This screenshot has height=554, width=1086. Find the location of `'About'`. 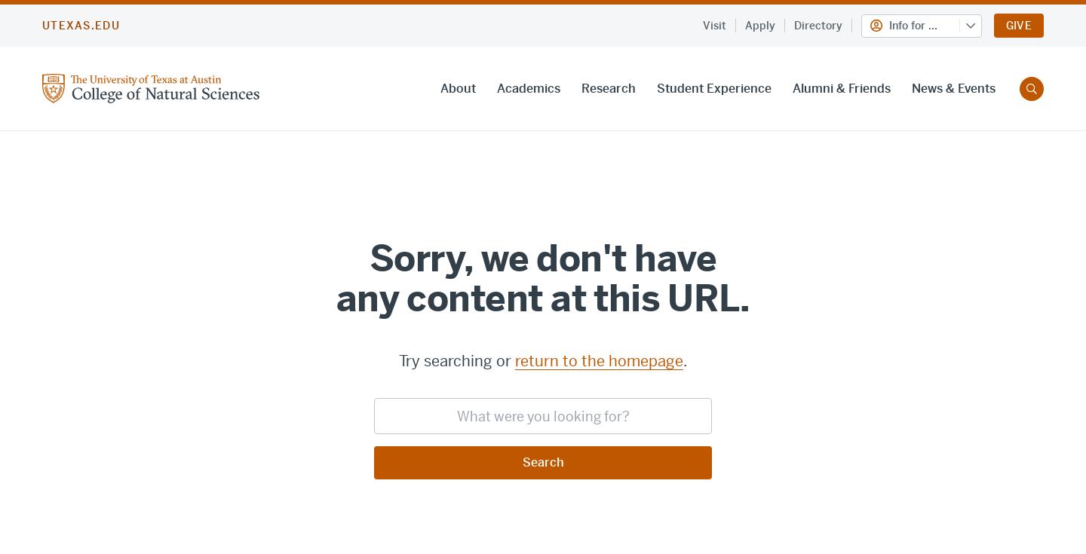

'About' is located at coordinates (457, 87).